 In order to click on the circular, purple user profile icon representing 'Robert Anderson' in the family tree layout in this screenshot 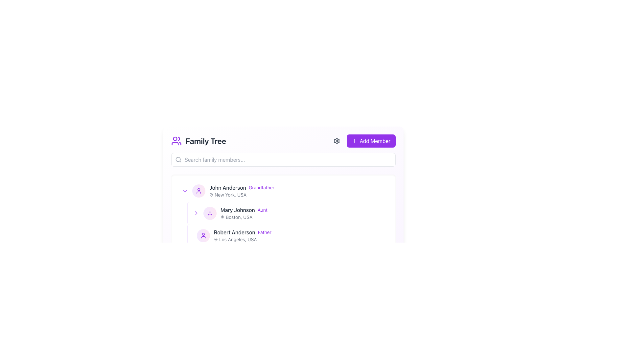, I will do `click(203, 235)`.